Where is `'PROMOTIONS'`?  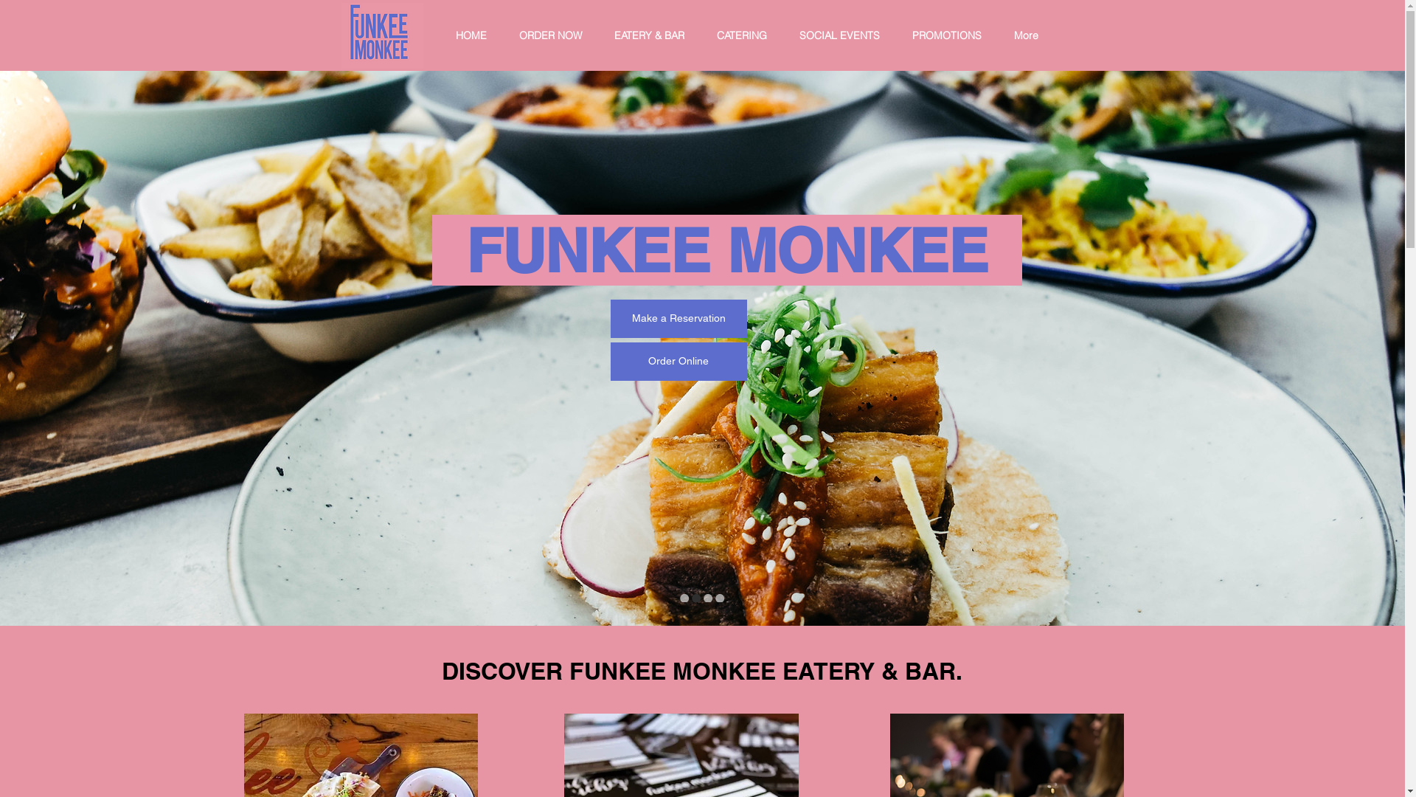
'PROMOTIONS' is located at coordinates (952, 35).